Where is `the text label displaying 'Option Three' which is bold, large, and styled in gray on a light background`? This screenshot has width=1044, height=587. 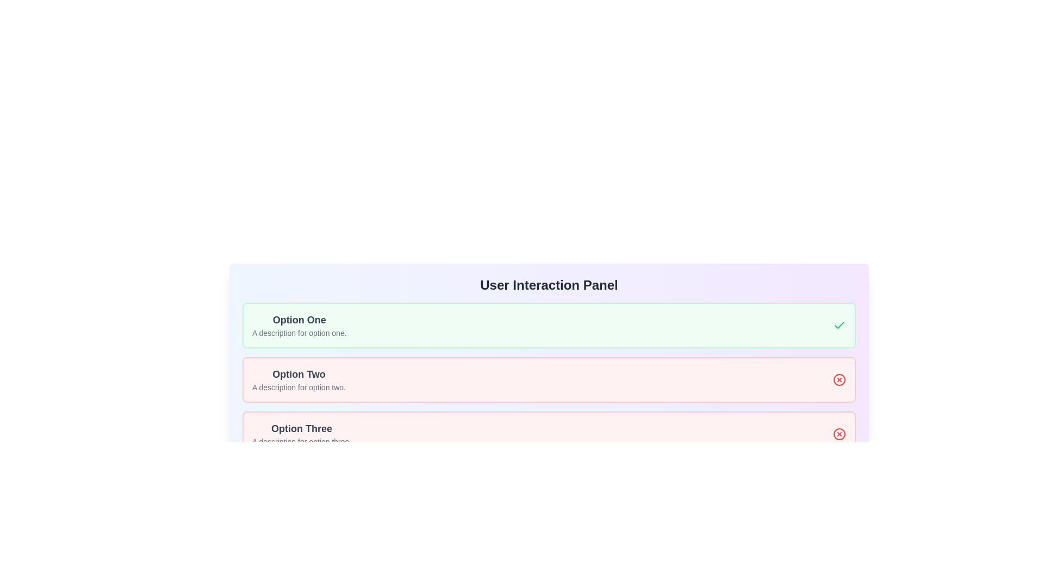 the text label displaying 'Option Three' which is bold, large, and styled in gray on a light background is located at coordinates (302, 428).